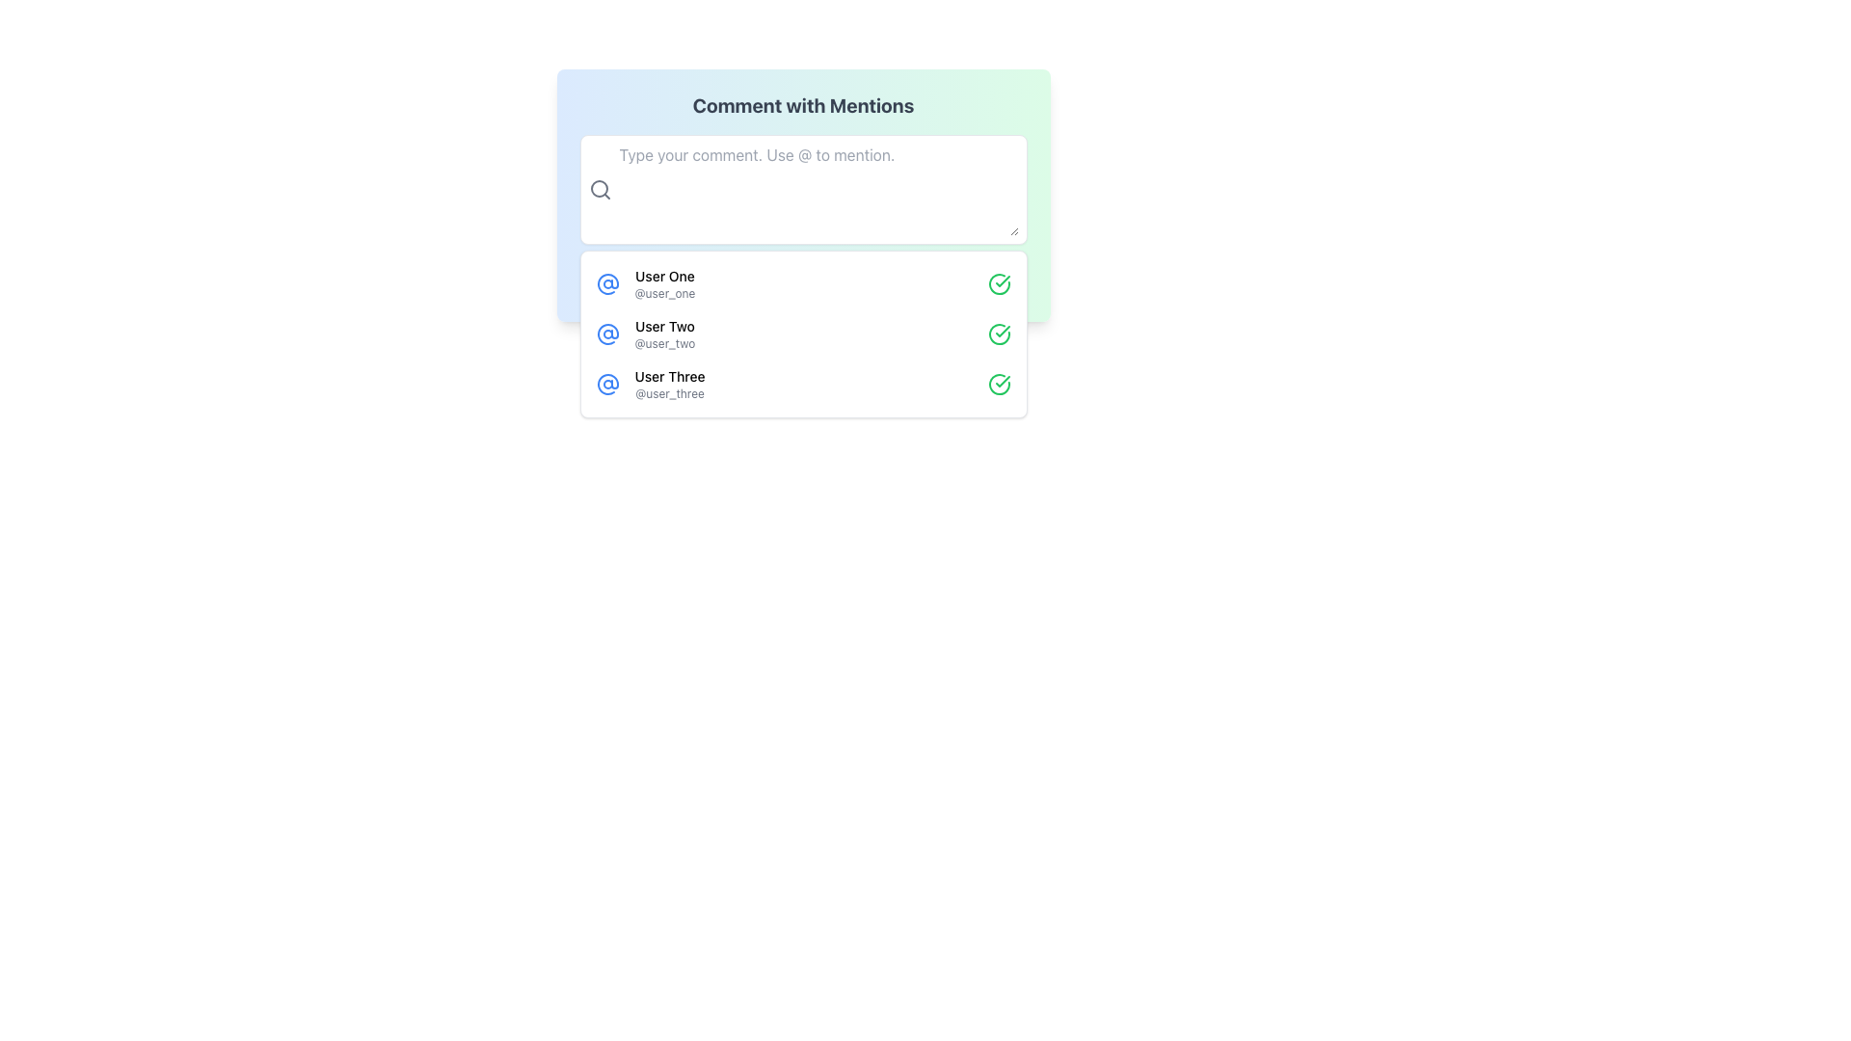 The image size is (1851, 1041). What do you see at coordinates (803, 283) in the screenshot?
I see `the first list item displaying the profile information for 'User One' with username '@user_one'` at bounding box center [803, 283].